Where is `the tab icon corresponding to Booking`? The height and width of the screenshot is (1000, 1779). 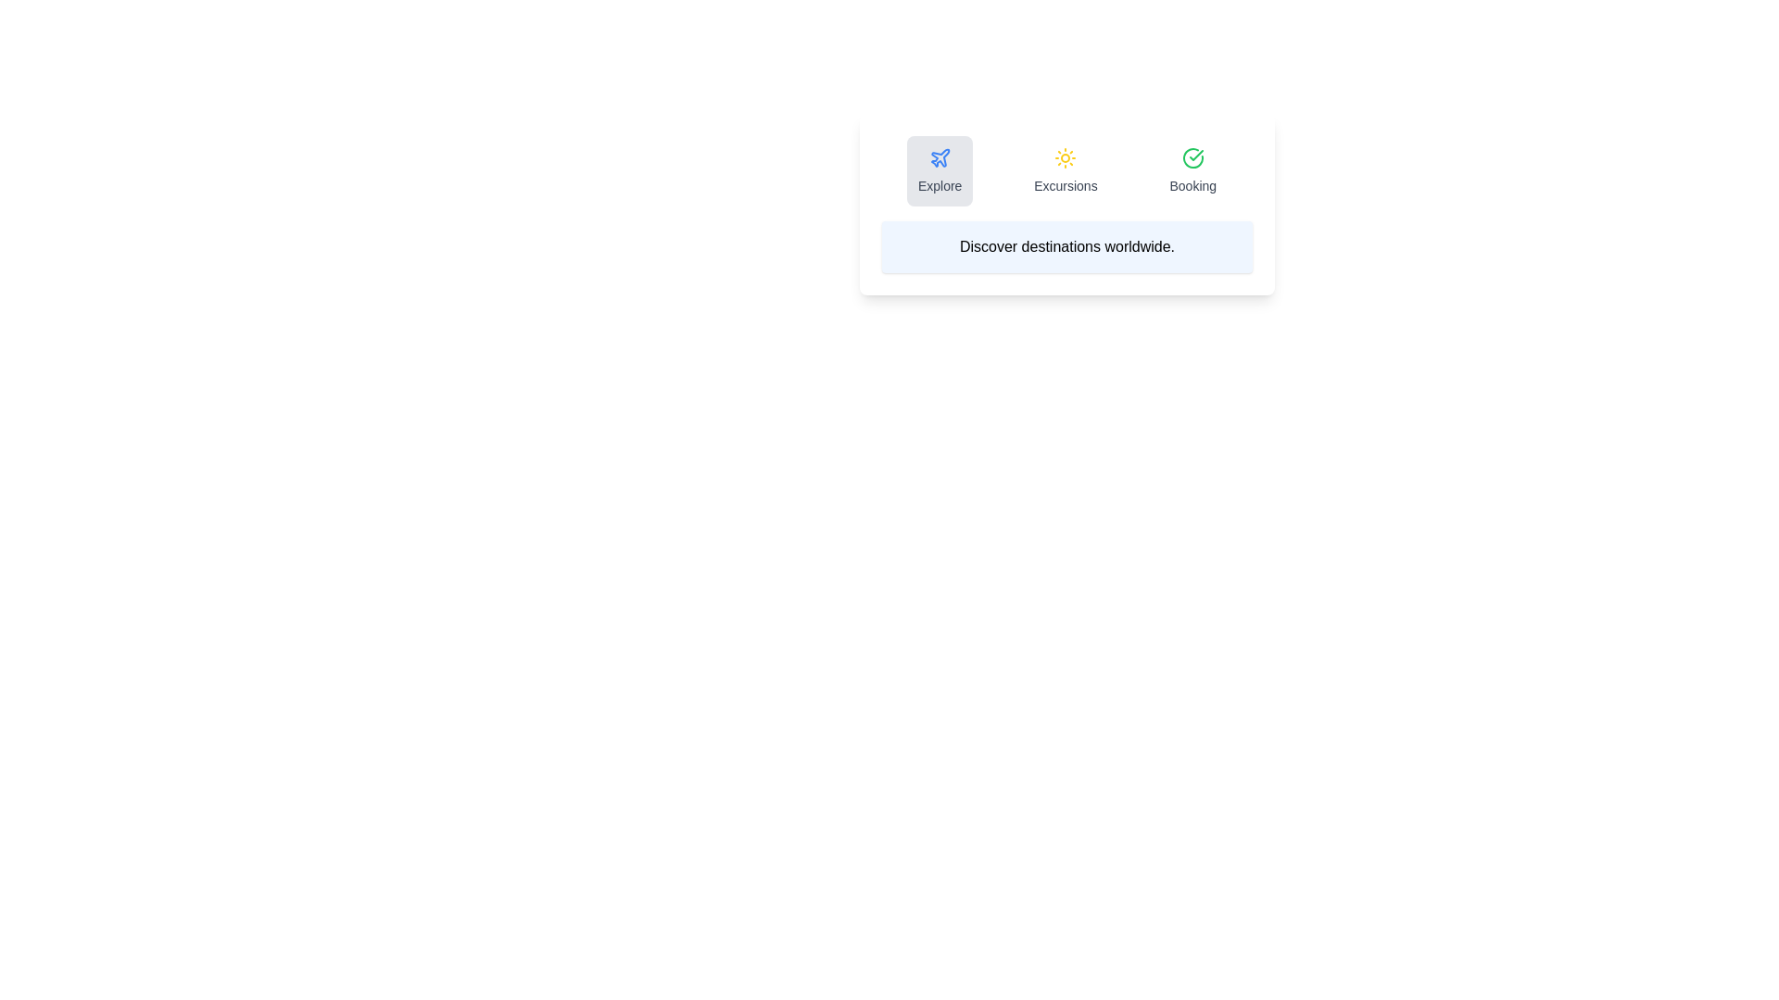
the tab icon corresponding to Booking is located at coordinates (1192, 171).